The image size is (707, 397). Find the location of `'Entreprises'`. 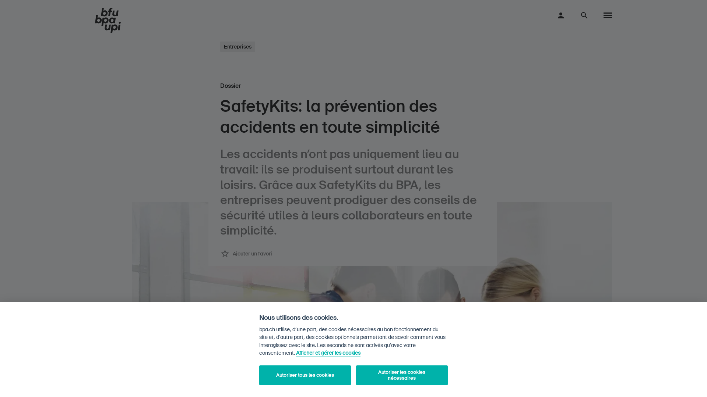

'Entreprises' is located at coordinates (238, 47).